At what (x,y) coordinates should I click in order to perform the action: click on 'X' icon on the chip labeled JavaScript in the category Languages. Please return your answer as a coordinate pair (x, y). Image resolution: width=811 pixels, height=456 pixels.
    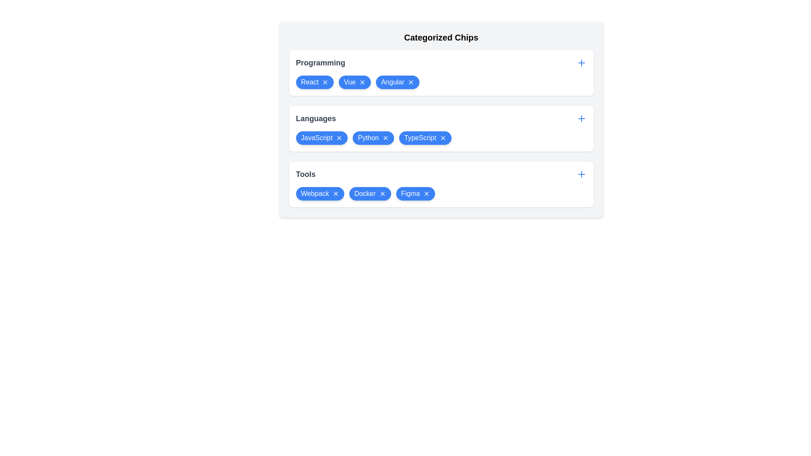
    Looking at the image, I should click on (339, 138).